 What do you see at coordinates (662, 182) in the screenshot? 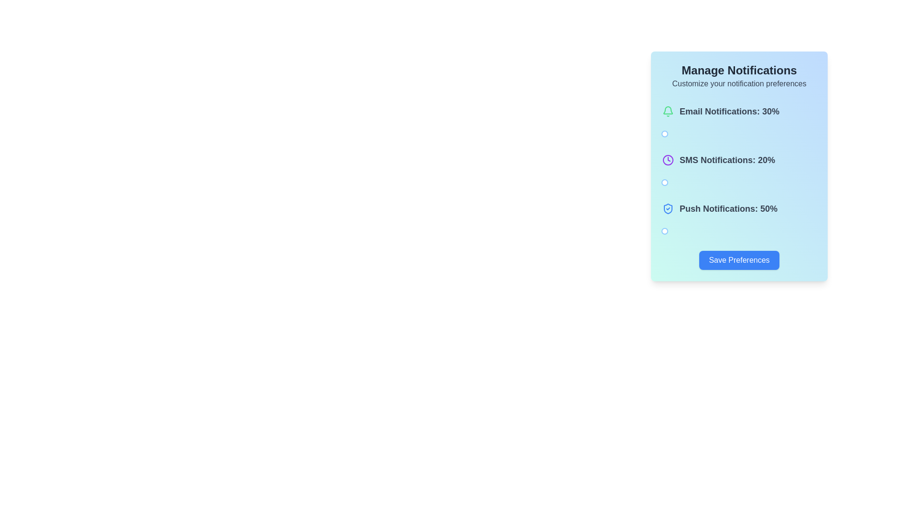
I see `the slider value` at bounding box center [662, 182].